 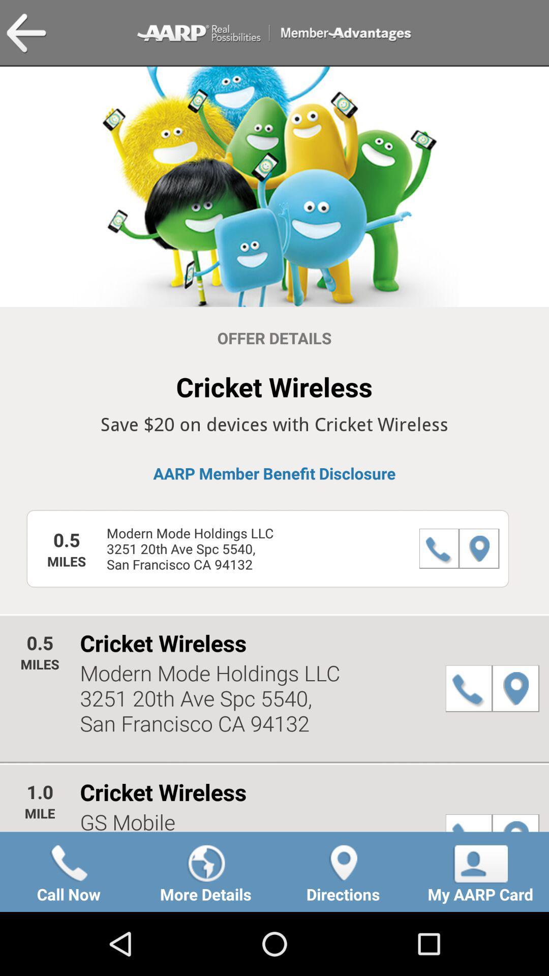 What do you see at coordinates (469, 737) in the screenshot?
I see `the call icon` at bounding box center [469, 737].